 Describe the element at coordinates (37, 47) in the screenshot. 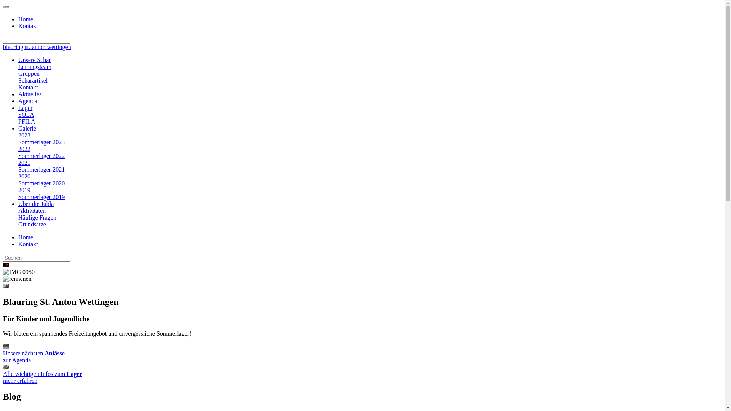

I see `'blauring st. anton wettingen'` at that location.